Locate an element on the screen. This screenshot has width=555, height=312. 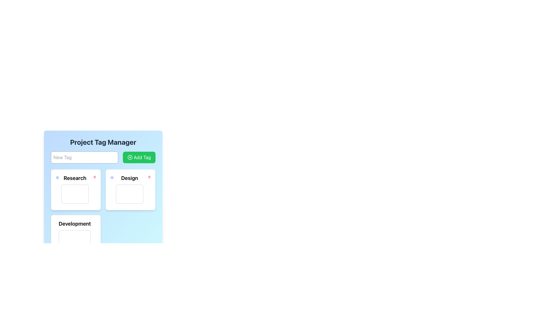
the 'Add Tag' button is located at coordinates (139, 157).